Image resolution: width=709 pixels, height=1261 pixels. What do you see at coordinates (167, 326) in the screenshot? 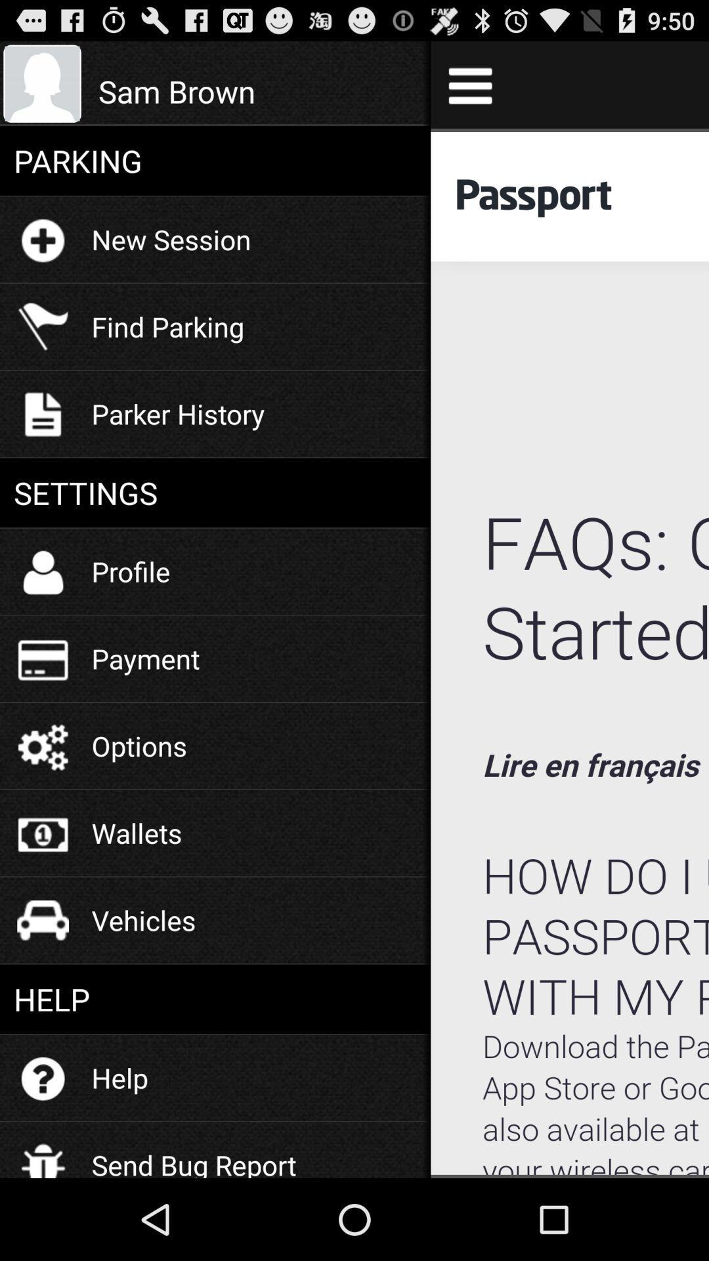
I see `icon below new session icon` at bounding box center [167, 326].